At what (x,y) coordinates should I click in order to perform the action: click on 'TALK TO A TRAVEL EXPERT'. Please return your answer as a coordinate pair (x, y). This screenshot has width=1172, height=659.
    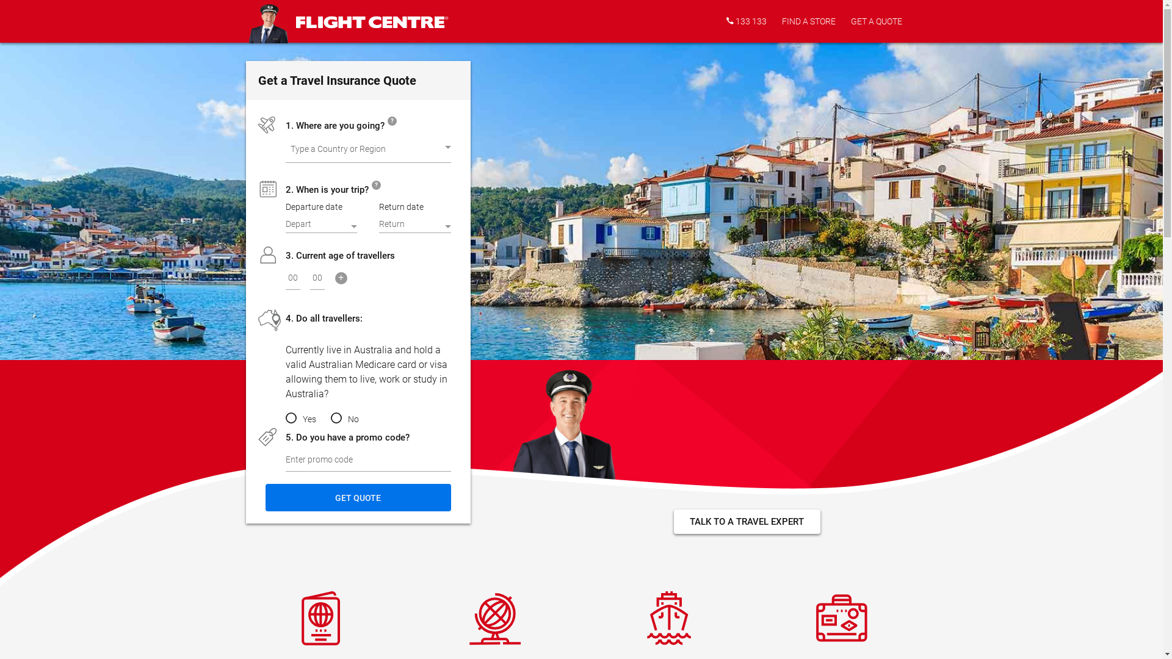
    Looking at the image, I should click on (747, 522).